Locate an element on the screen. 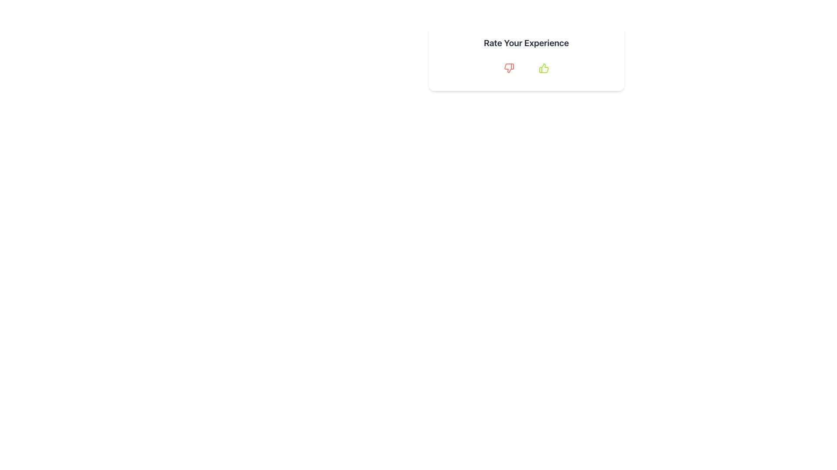 This screenshot has height=470, width=837. the 'like' icon, which is the second item in a horizontal sequence of icons within a card interface, to focus on it is located at coordinates (543, 68).